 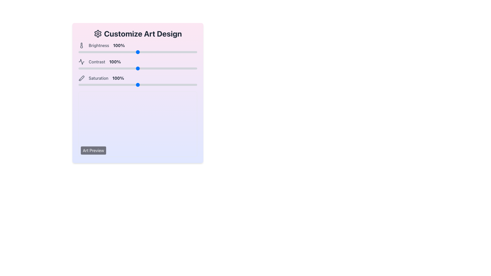 I want to click on contrast, so click(x=173, y=68).